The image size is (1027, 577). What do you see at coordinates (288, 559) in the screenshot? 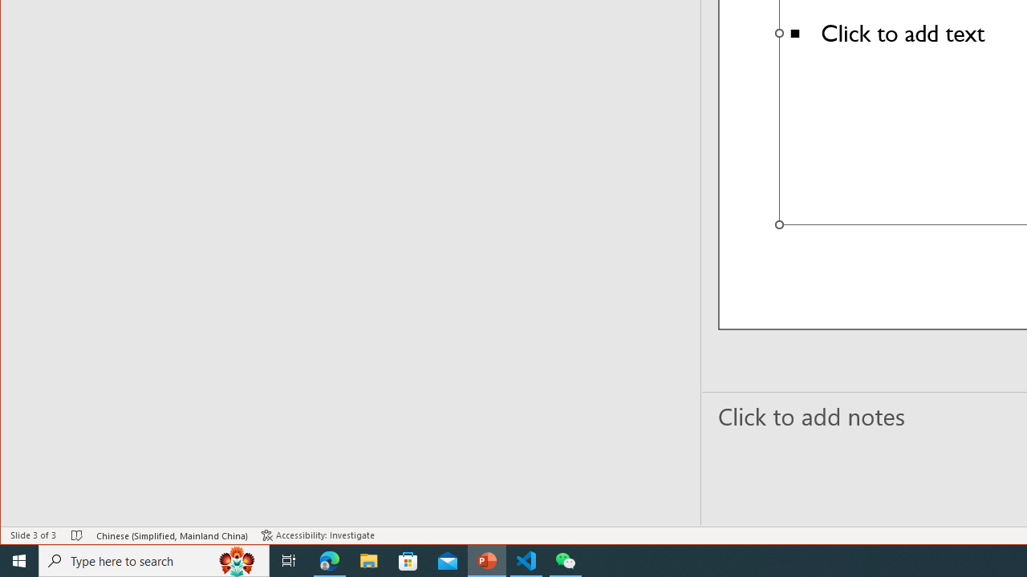
I see `'Task View'` at bounding box center [288, 559].